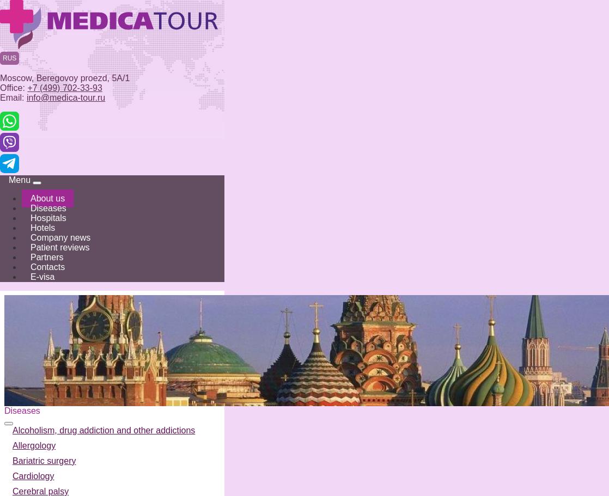 The width and height of the screenshot is (609, 496). What do you see at coordinates (13, 445) in the screenshot?
I see `'Allergology'` at bounding box center [13, 445].